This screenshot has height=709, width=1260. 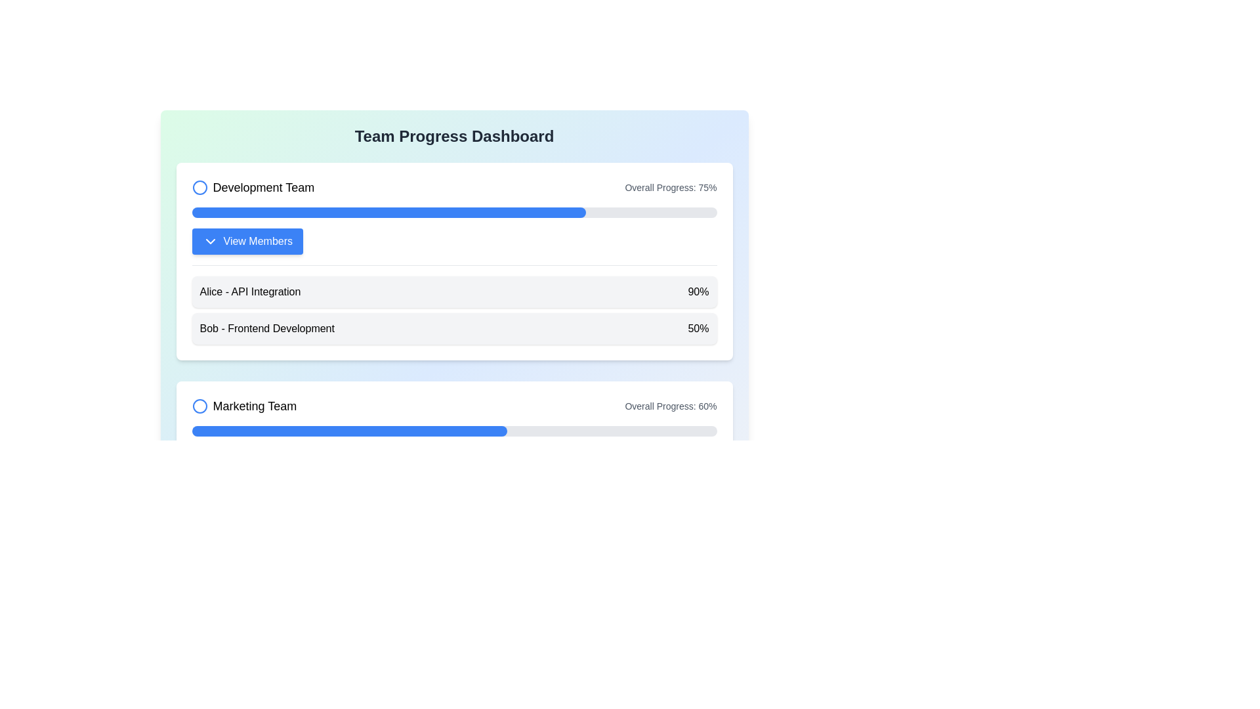 I want to click on the styled radio button indicator, so click(x=199, y=187).